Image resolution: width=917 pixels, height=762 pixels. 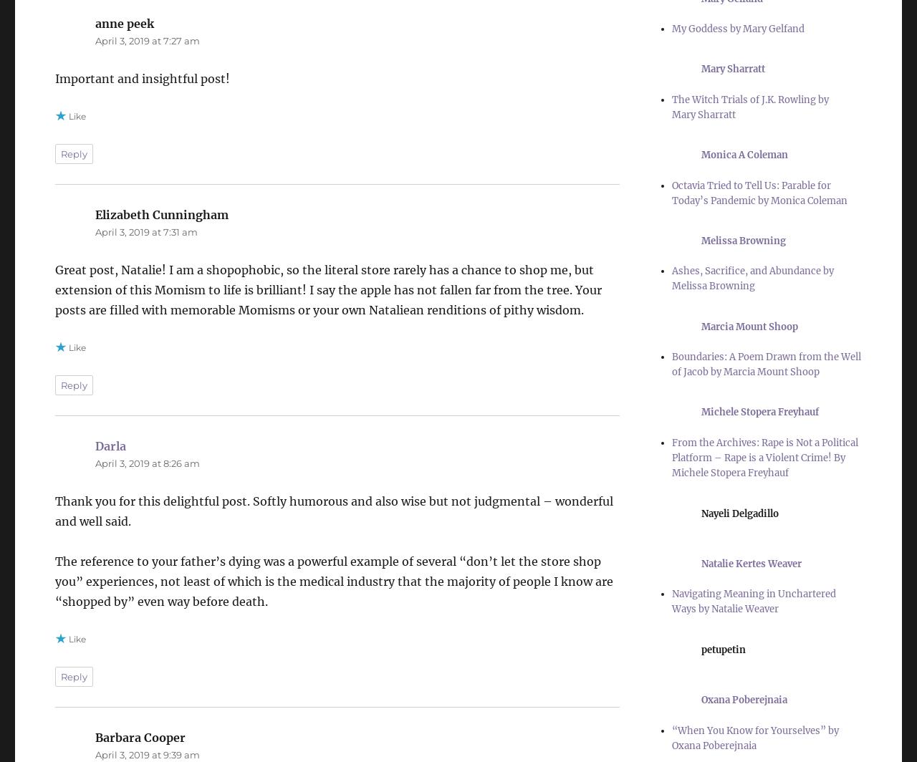 What do you see at coordinates (94, 462) in the screenshot?
I see `'April 3, 2019 at 8:26 am'` at bounding box center [94, 462].